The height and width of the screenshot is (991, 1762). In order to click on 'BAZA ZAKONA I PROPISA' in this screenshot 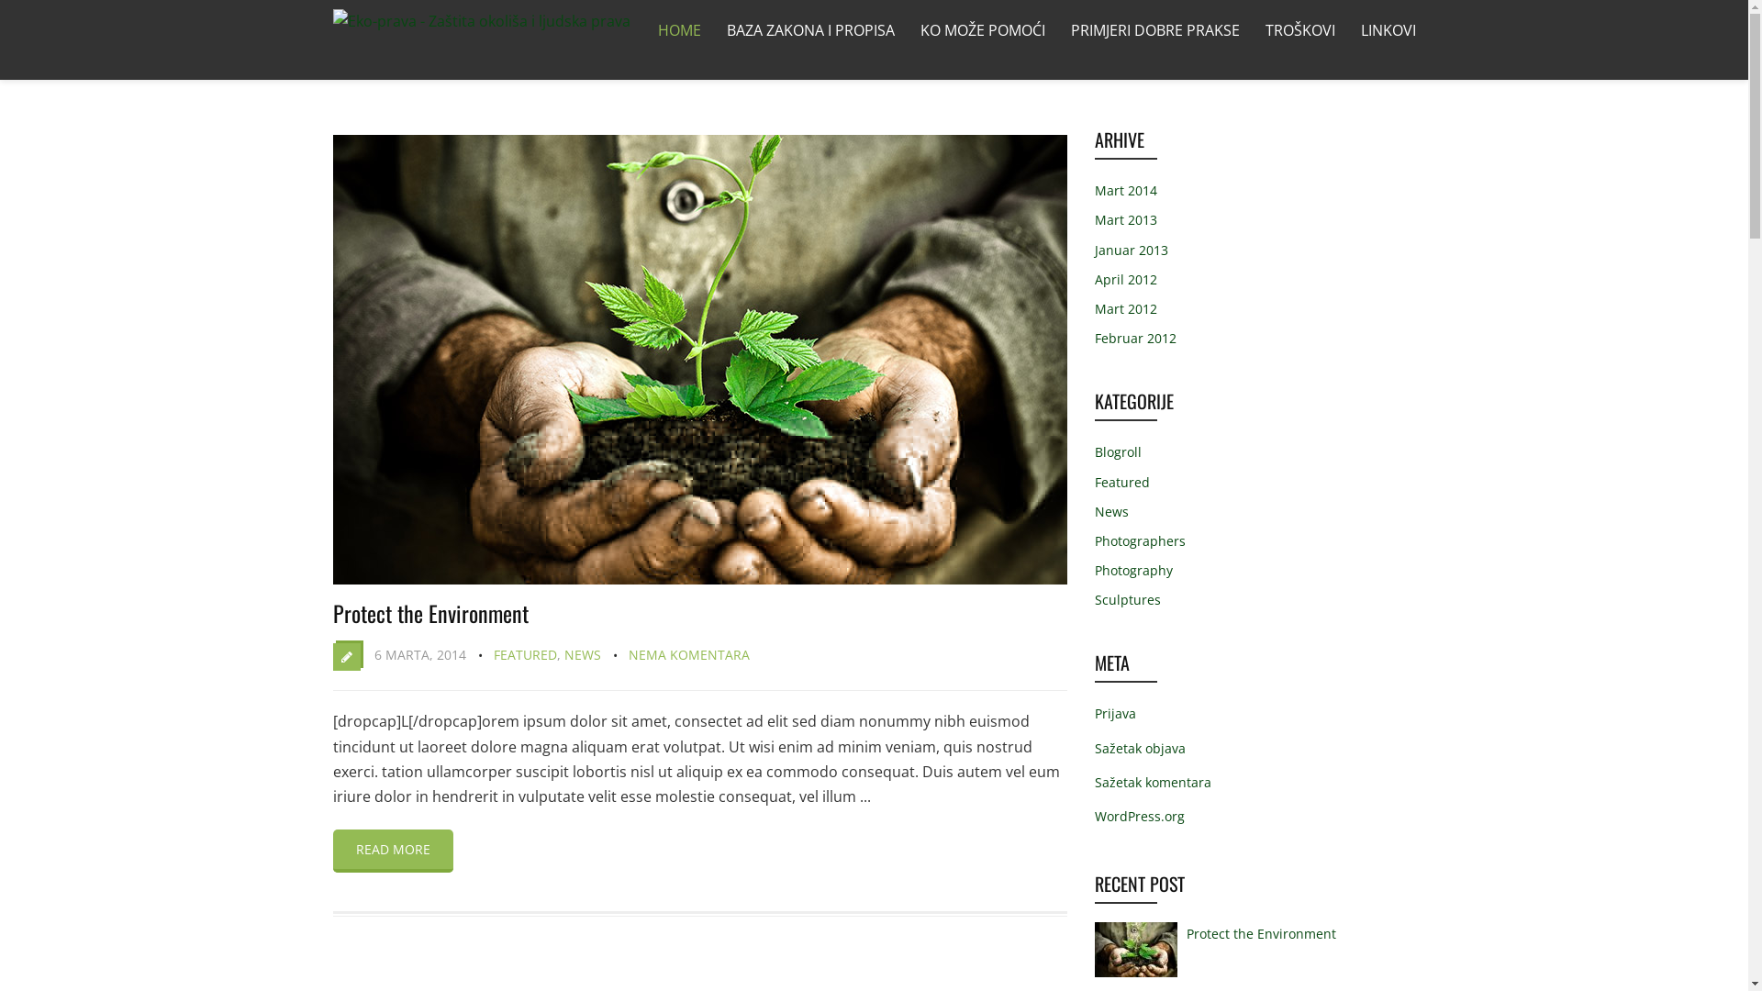, I will do `click(809, 30)`.